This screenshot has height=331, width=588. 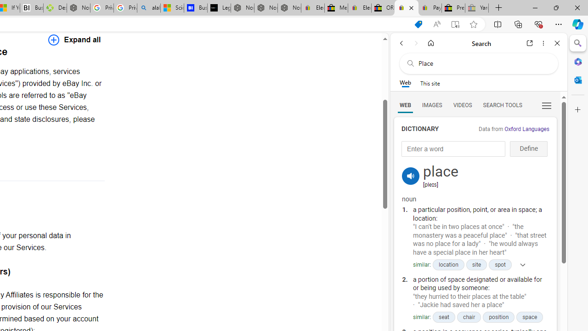 What do you see at coordinates (431, 104) in the screenshot?
I see `'IMAGES'` at bounding box center [431, 104].